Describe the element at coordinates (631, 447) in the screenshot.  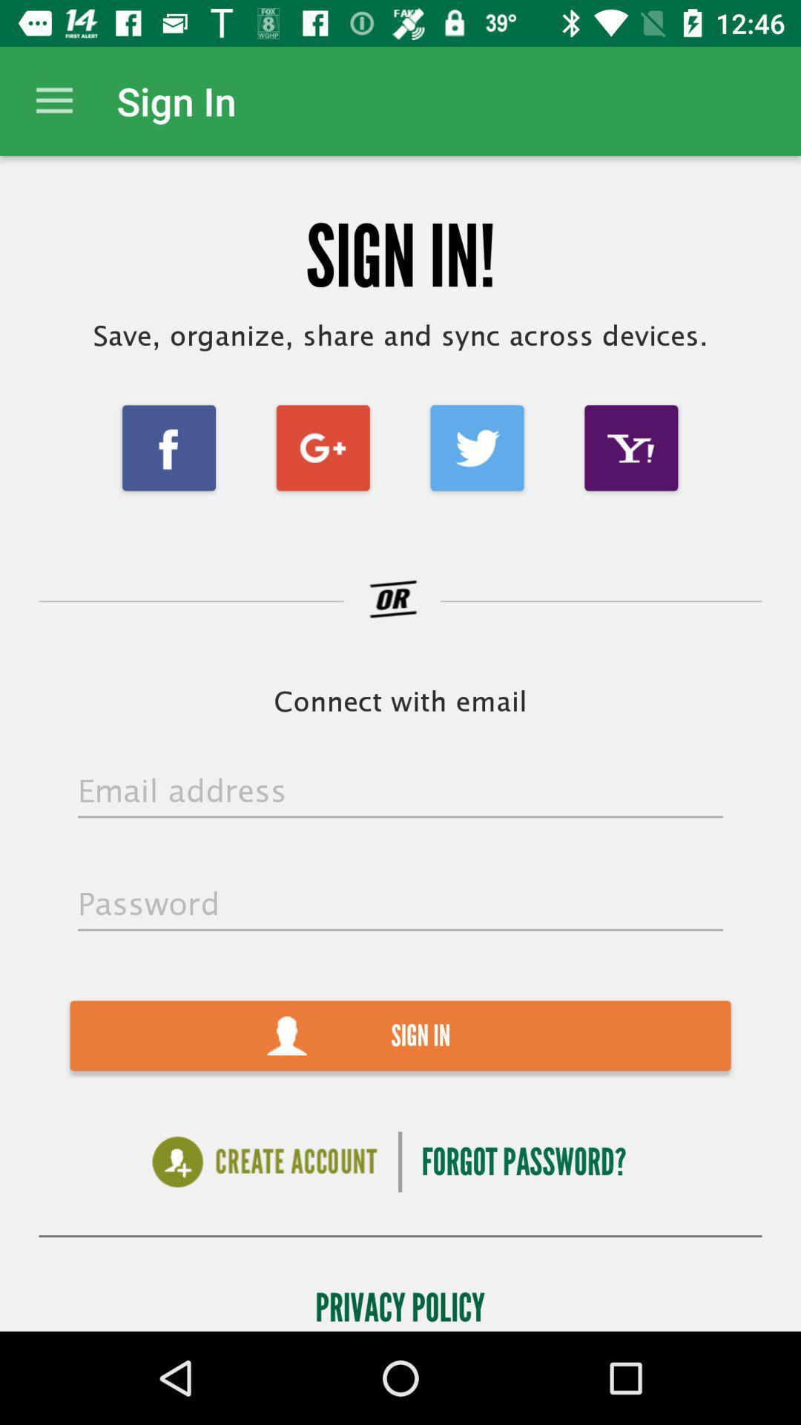
I see `sign in with yahoo` at that location.